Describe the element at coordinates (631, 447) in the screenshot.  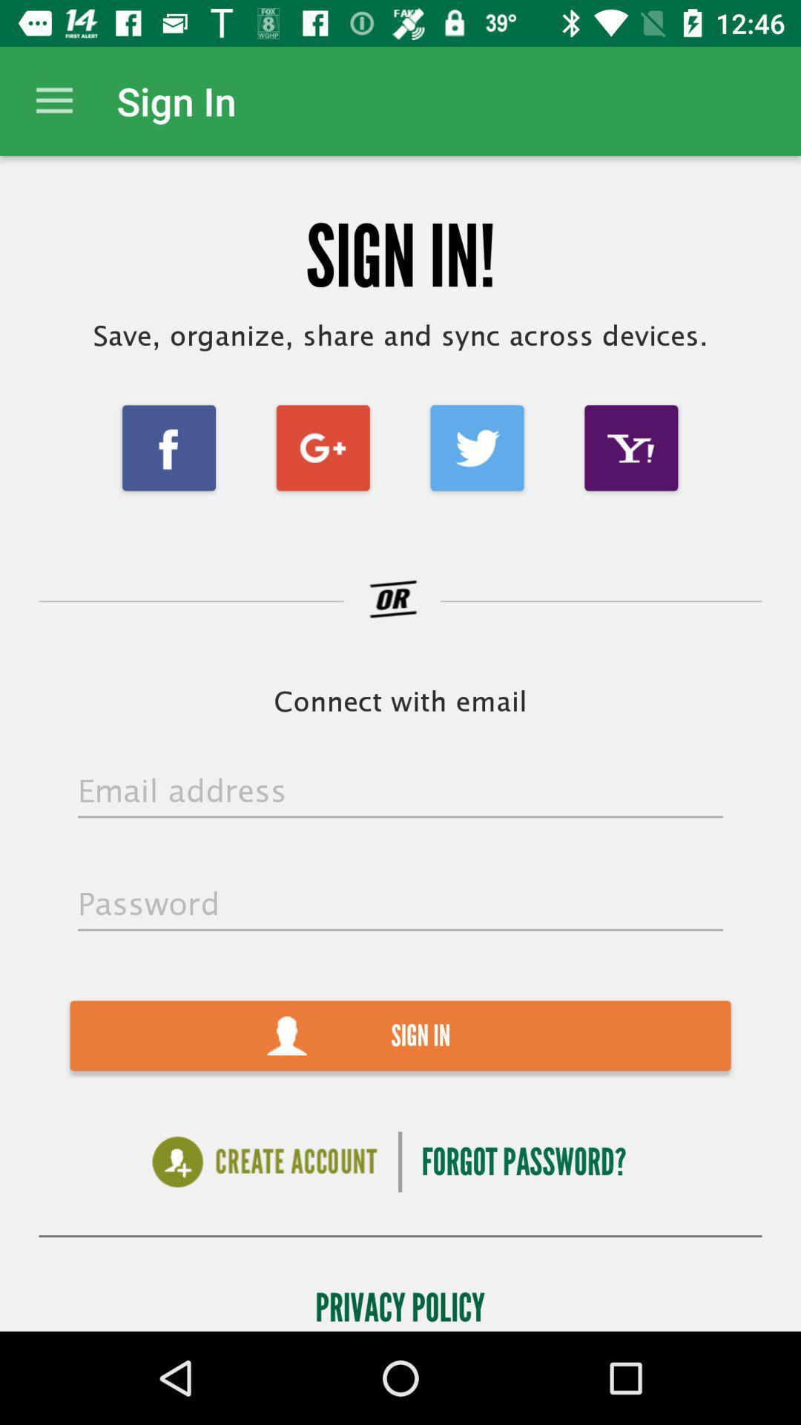
I see `sign in with yahoo` at that location.